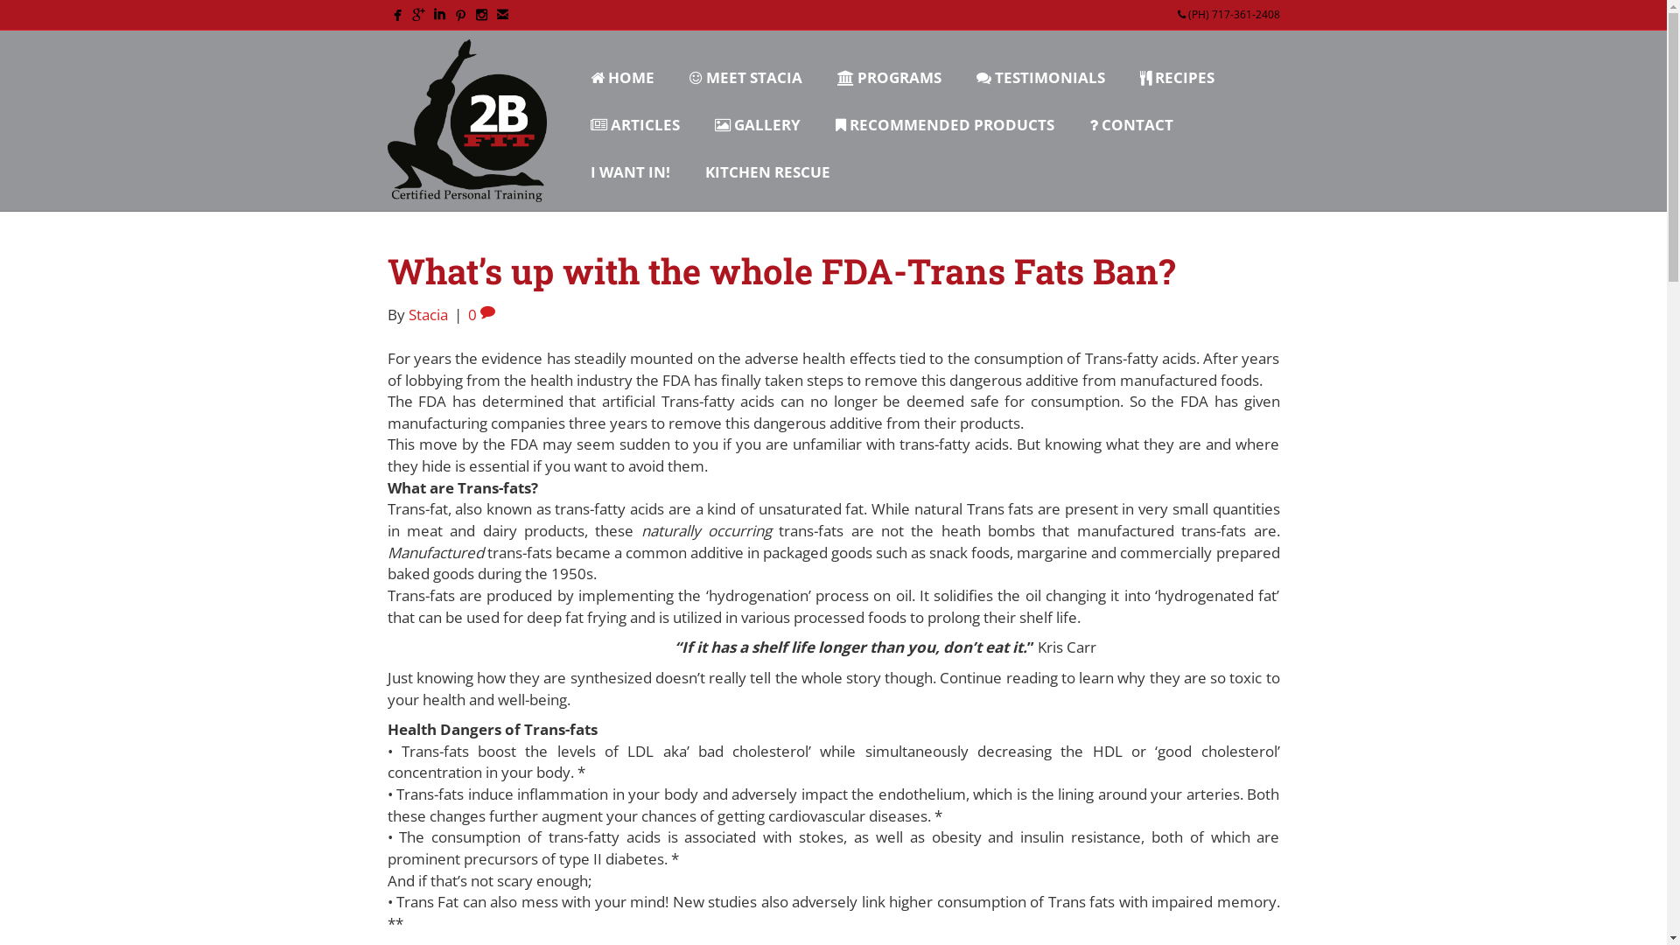  I want to click on 'ARTICLES', so click(572, 120).